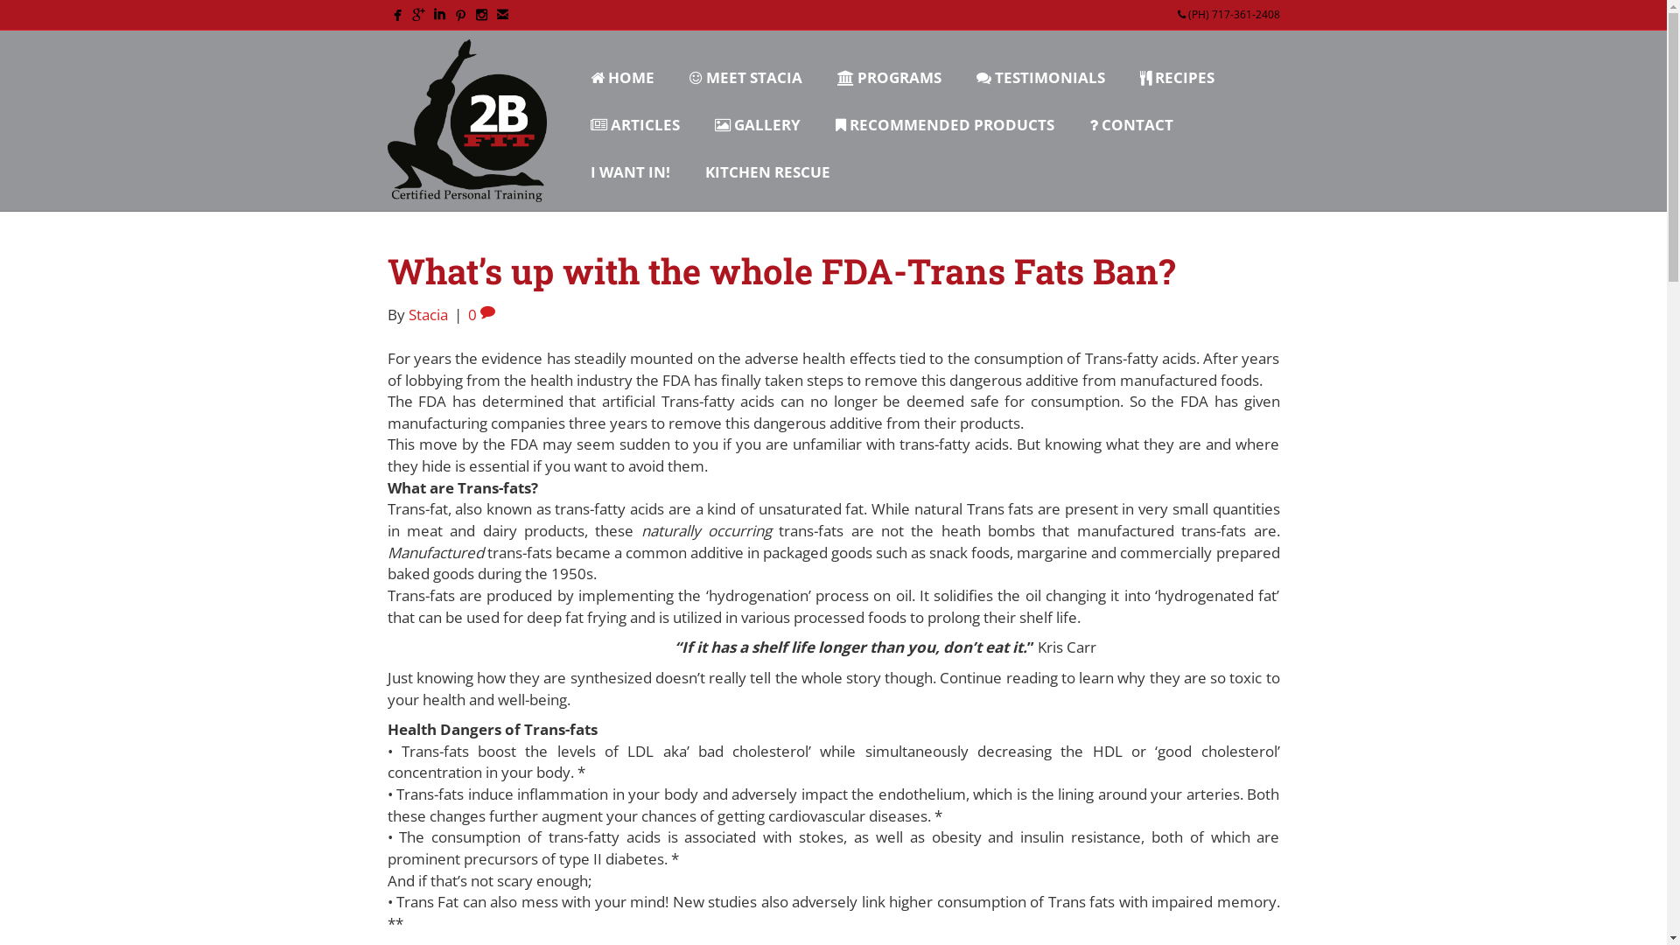  I want to click on 'ARTICLES', so click(572, 120).